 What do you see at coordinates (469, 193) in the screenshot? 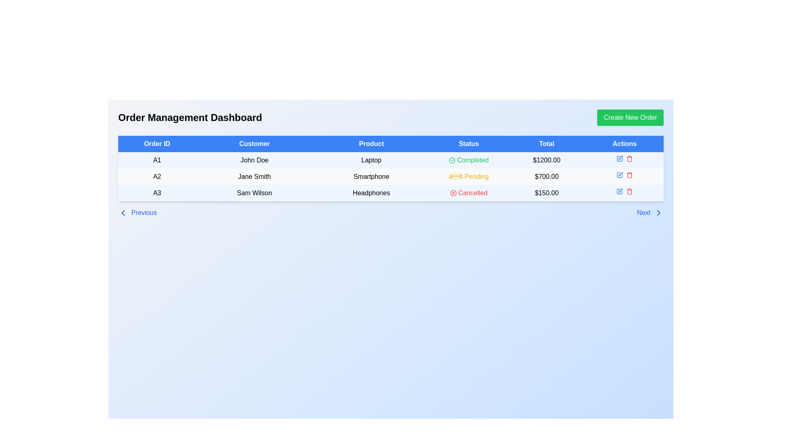
I see `the cancellation status indication of the order 'A3' by clicking on the label with an icon in the 'Status' column of the last row of the table` at bounding box center [469, 193].